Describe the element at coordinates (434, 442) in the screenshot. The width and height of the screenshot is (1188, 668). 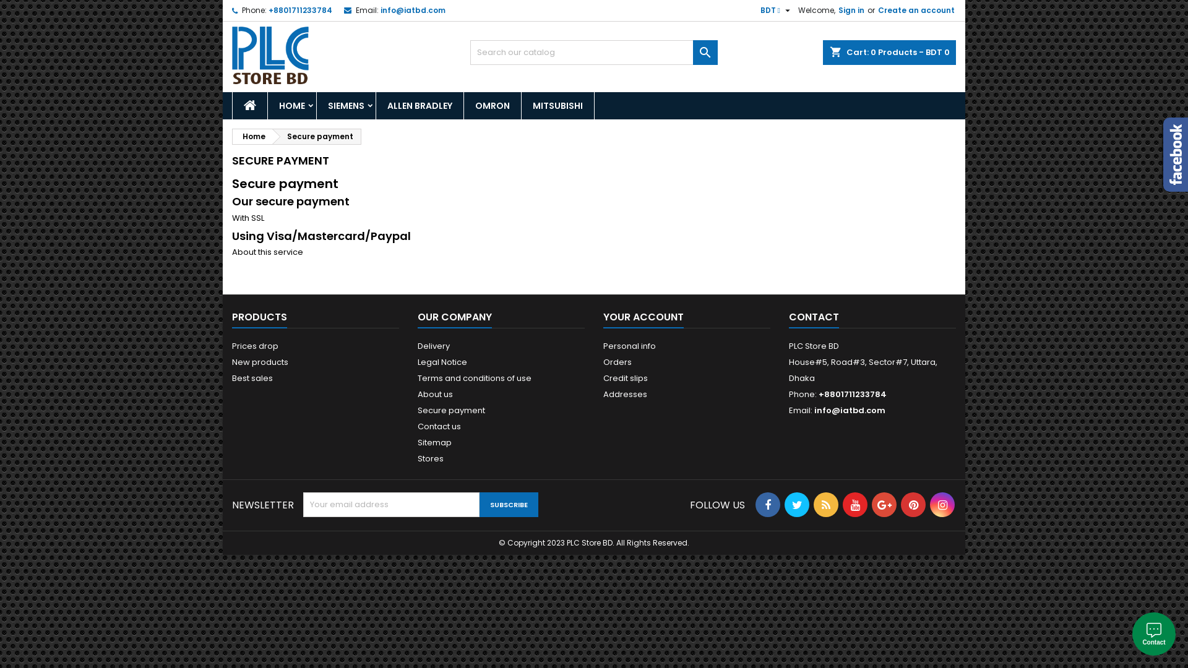
I see `'Sitemap'` at that location.